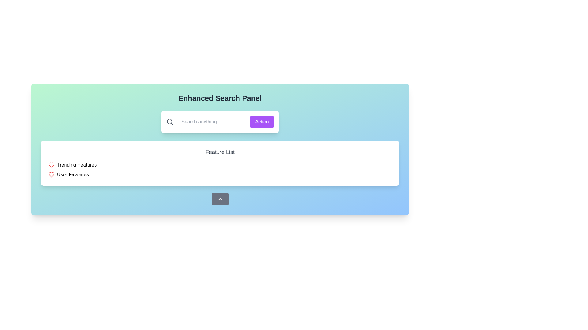 This screenshot has width=588, height=330. Describe the element at coordinates (262, 122) in the screenshot. I see `the 'Action' button, which is styled with white text on a purple background and has a rounded shape` at that location.